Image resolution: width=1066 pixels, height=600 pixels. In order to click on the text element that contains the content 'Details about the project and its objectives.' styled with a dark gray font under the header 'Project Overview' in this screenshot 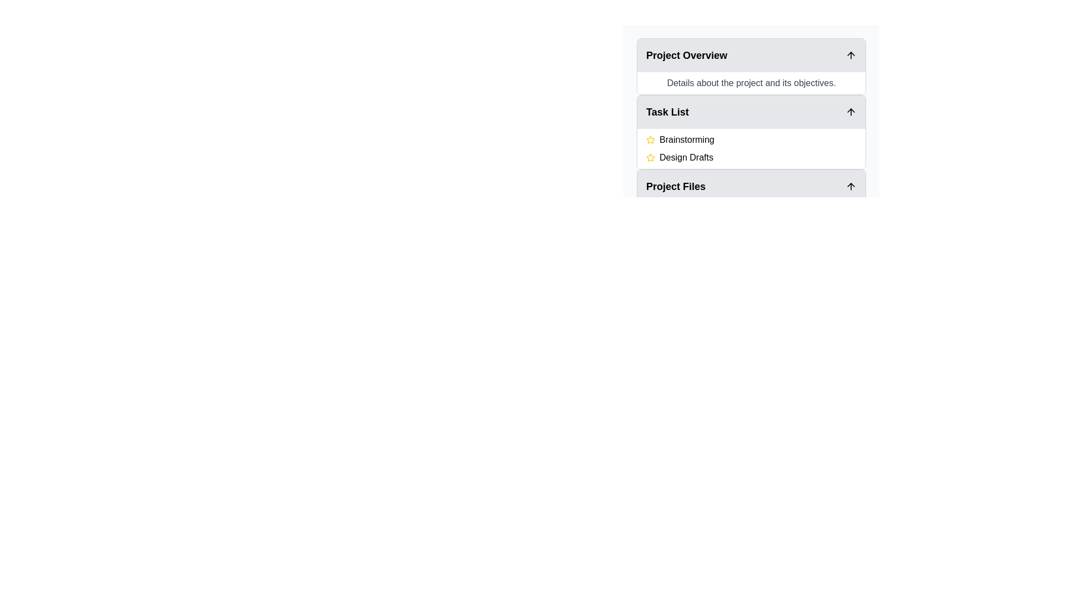, I will do `click(751, 83)`.